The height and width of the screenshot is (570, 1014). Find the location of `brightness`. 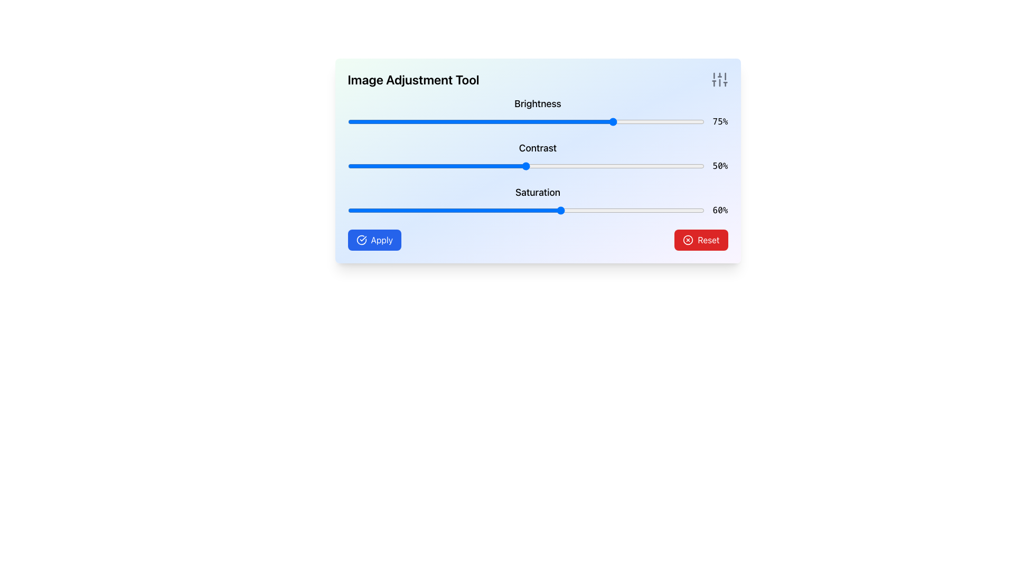

brightness is located at coordinates (355, 121).